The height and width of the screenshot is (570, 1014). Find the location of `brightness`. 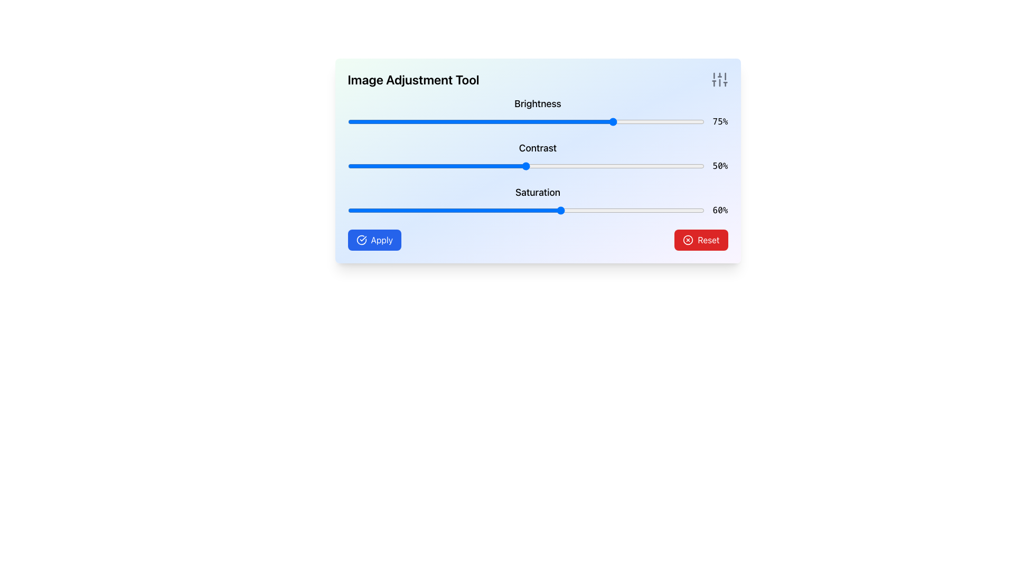

brightness is located at coordinates (355, 121).